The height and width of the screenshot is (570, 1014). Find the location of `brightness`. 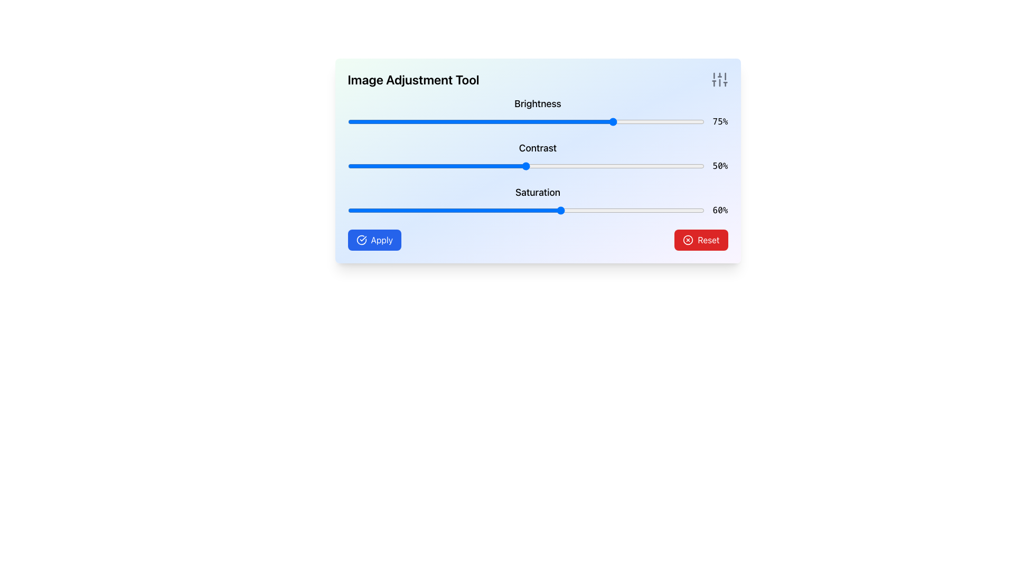

brightness is located at coordinates (355, 121).